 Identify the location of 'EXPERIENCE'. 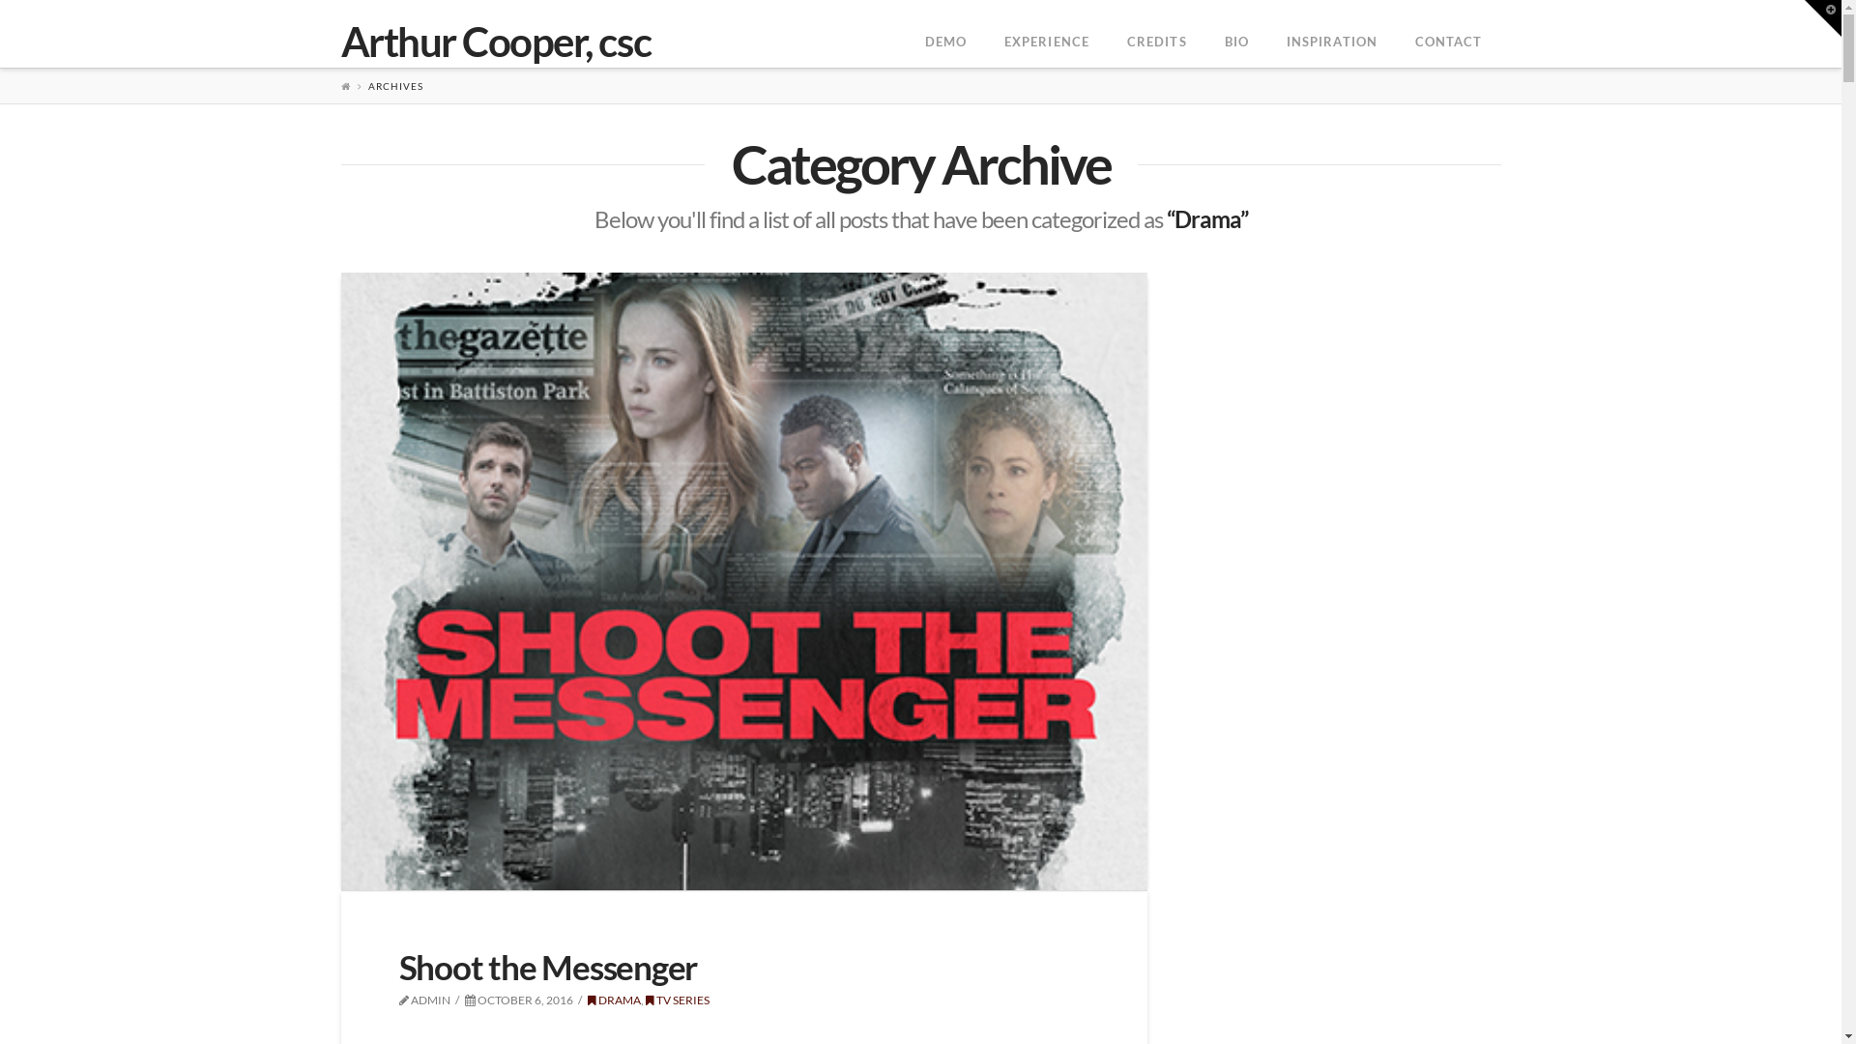
(1045, 33).